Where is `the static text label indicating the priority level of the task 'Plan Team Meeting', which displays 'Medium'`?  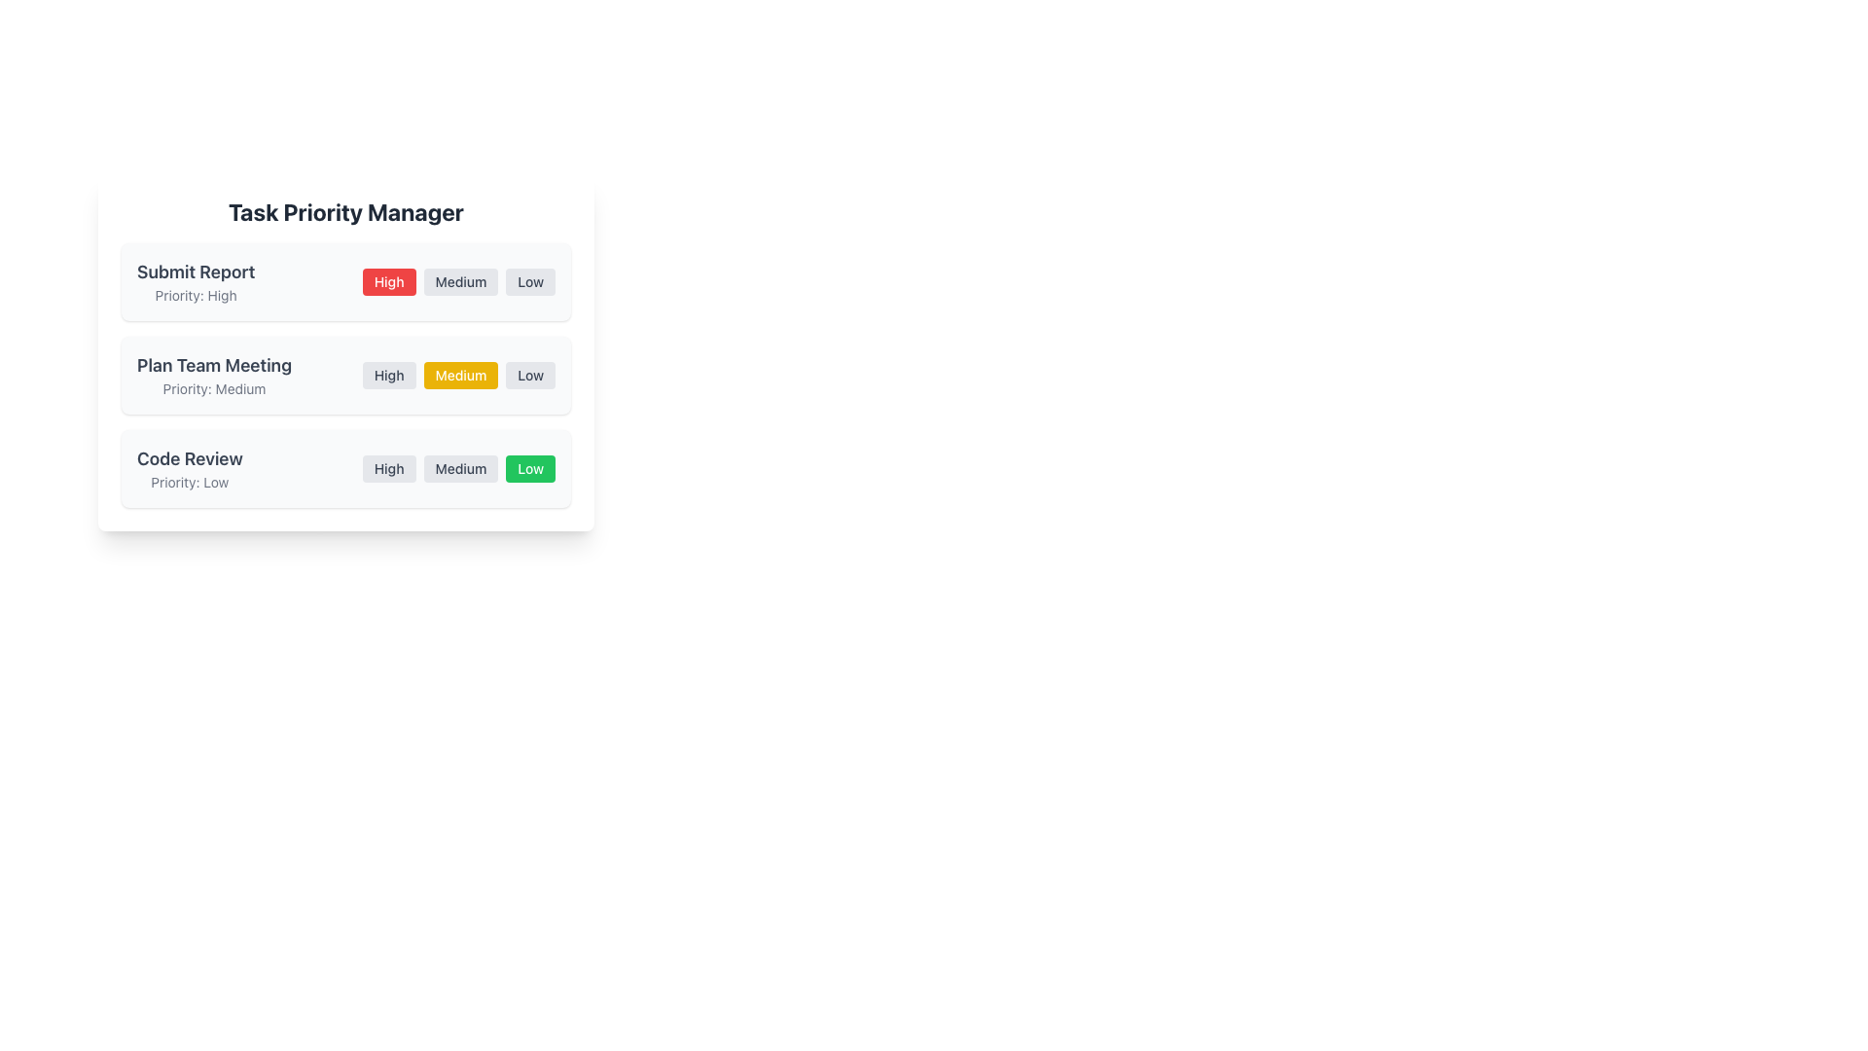
the static text label indicating the priority level of the task 'Plan Team Meeting', which displays 'Medium' is located at coordinates (214, 389).